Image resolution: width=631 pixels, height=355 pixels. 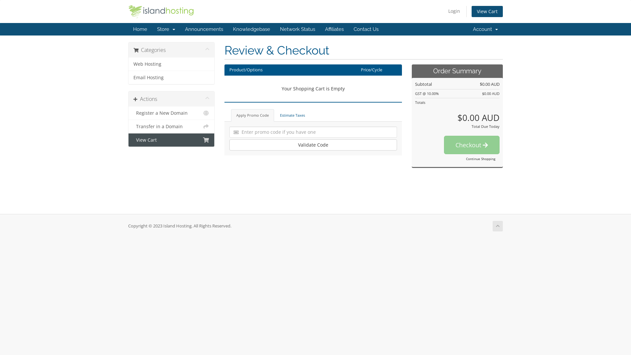 What do you see at coordinates (485, 29) in the screenshot?
I see `'Account  '` at bounding box center [485, 29].